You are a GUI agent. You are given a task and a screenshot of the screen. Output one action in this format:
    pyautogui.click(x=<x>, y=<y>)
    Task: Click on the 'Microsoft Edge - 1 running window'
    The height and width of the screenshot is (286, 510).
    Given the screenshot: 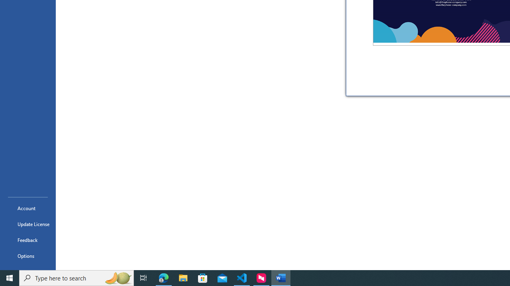 What is the action you would take?
    pyautogui.click(x=163, y=277)
    